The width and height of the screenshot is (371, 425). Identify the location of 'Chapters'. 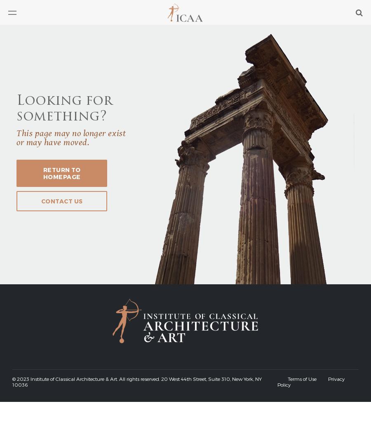
(22, 149).